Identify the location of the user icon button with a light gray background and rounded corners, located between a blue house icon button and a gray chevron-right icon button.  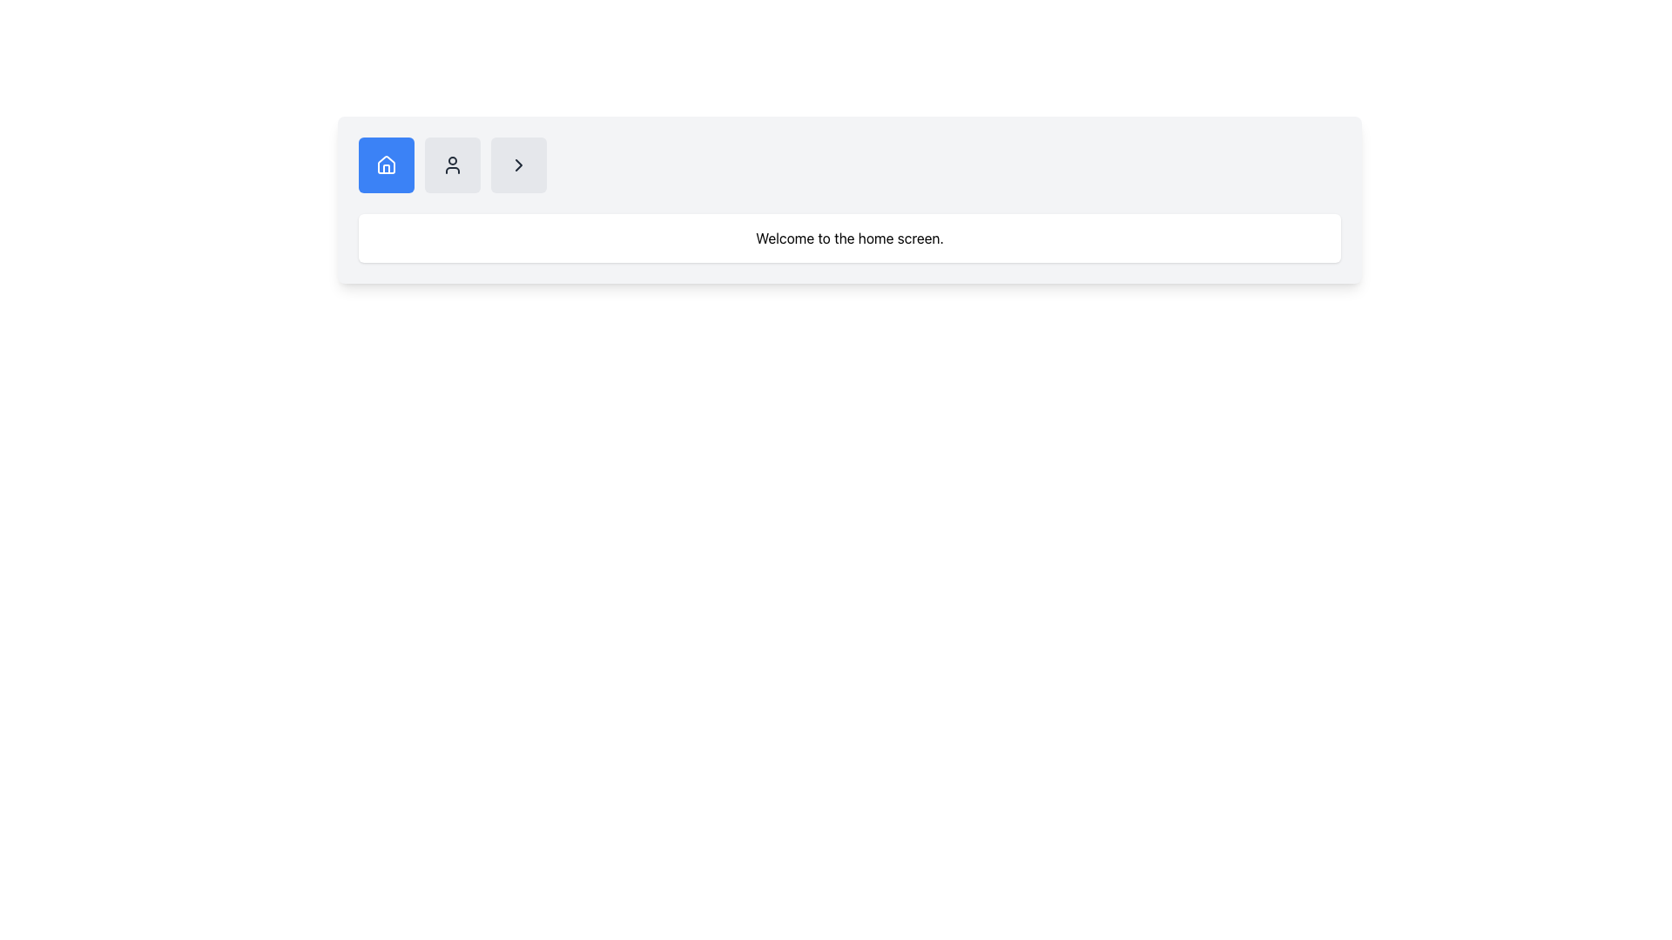
(452, 164).